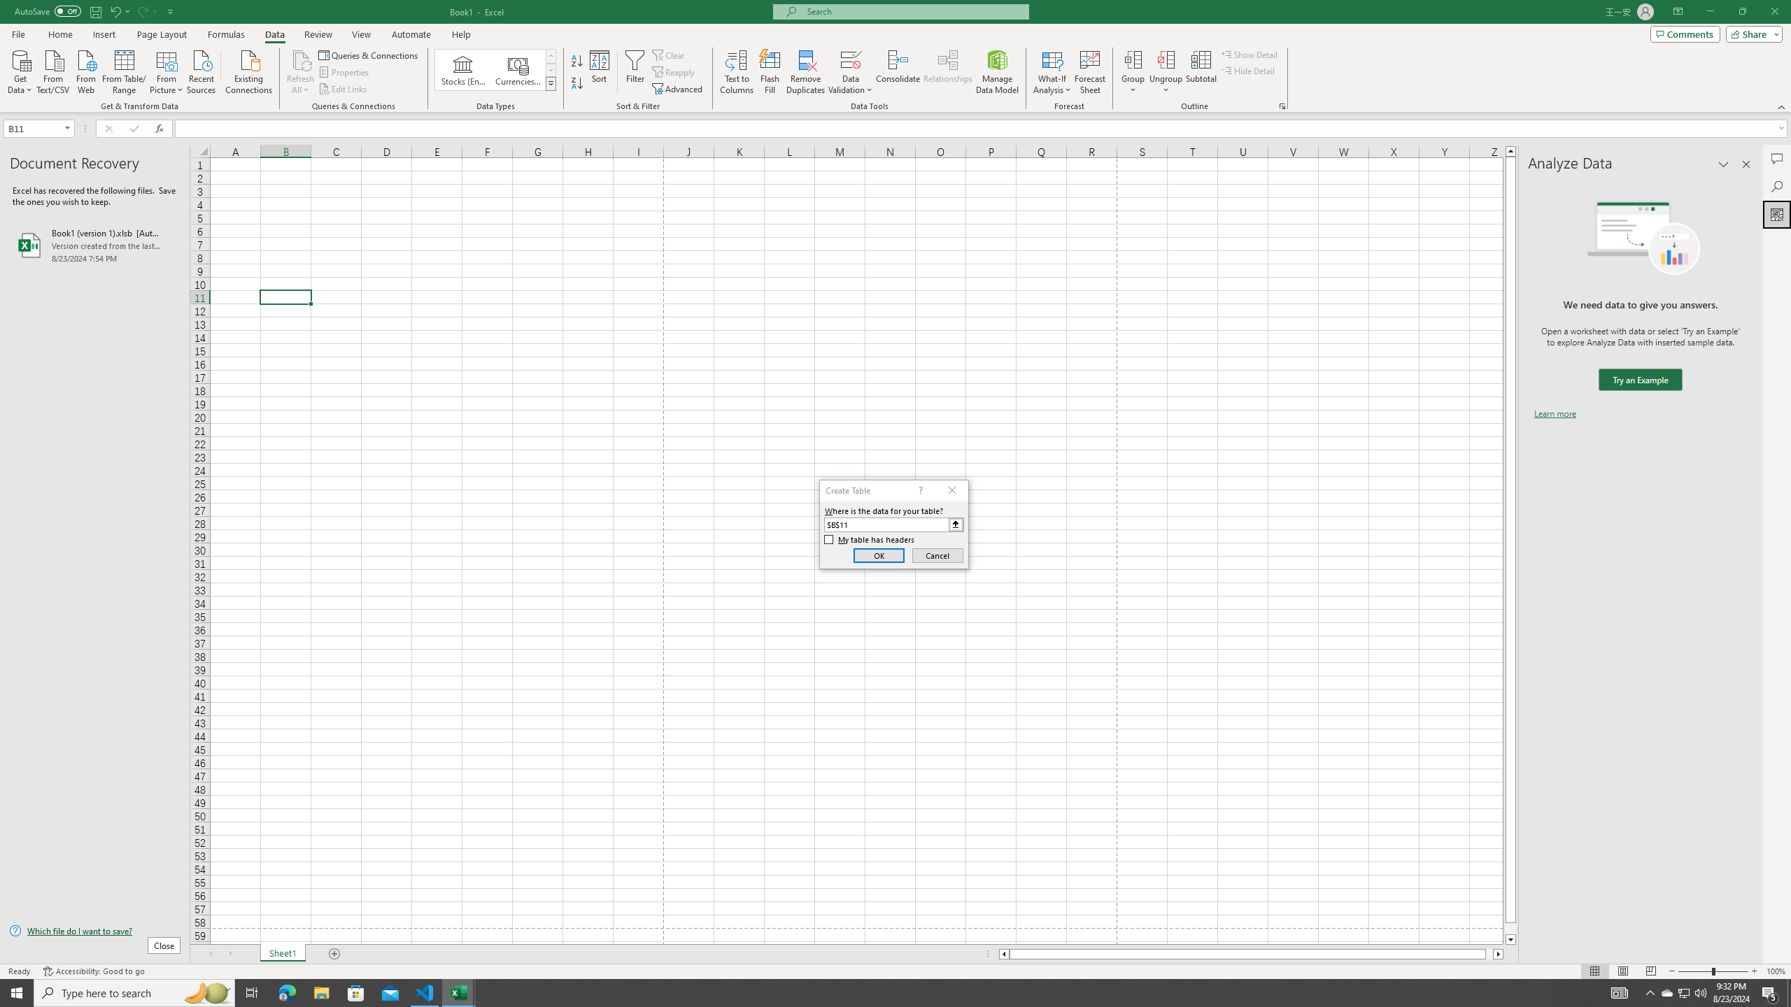 The width and height of the screenshot is (1791, 1007). Describe the element at coordinates (201, 70) in the screenshot. I see `'Recent Sources'` at that location.